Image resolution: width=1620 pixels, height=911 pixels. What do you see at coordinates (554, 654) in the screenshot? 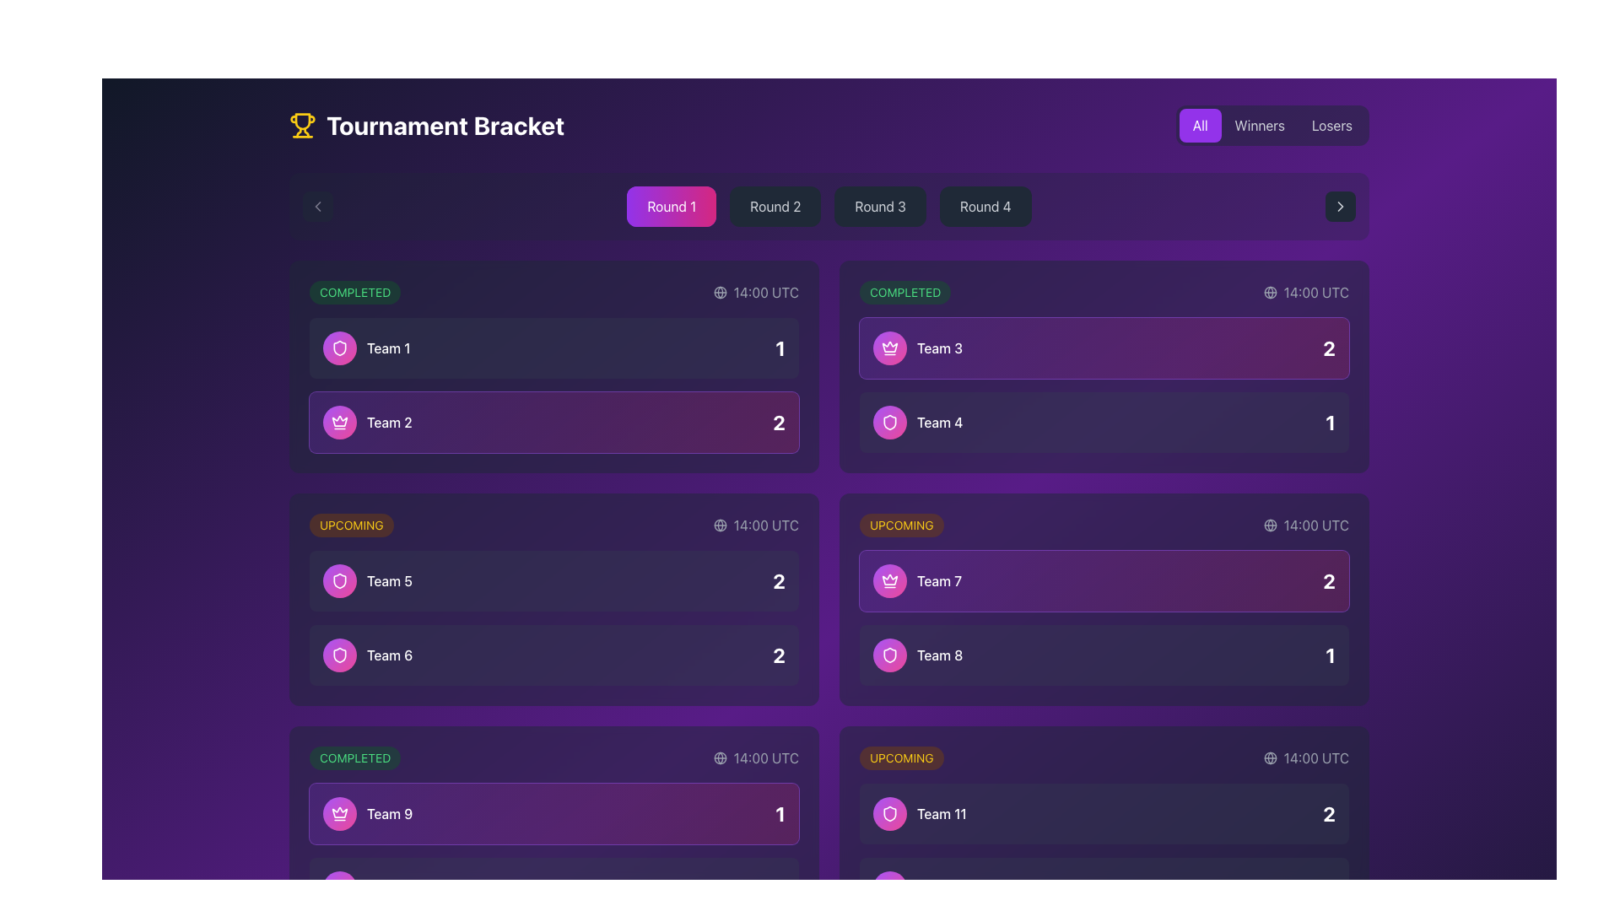
I see `the second display card or list item component located below 'Team 5' in the bottom-left section of the interface` at bounding box center [554, 654].